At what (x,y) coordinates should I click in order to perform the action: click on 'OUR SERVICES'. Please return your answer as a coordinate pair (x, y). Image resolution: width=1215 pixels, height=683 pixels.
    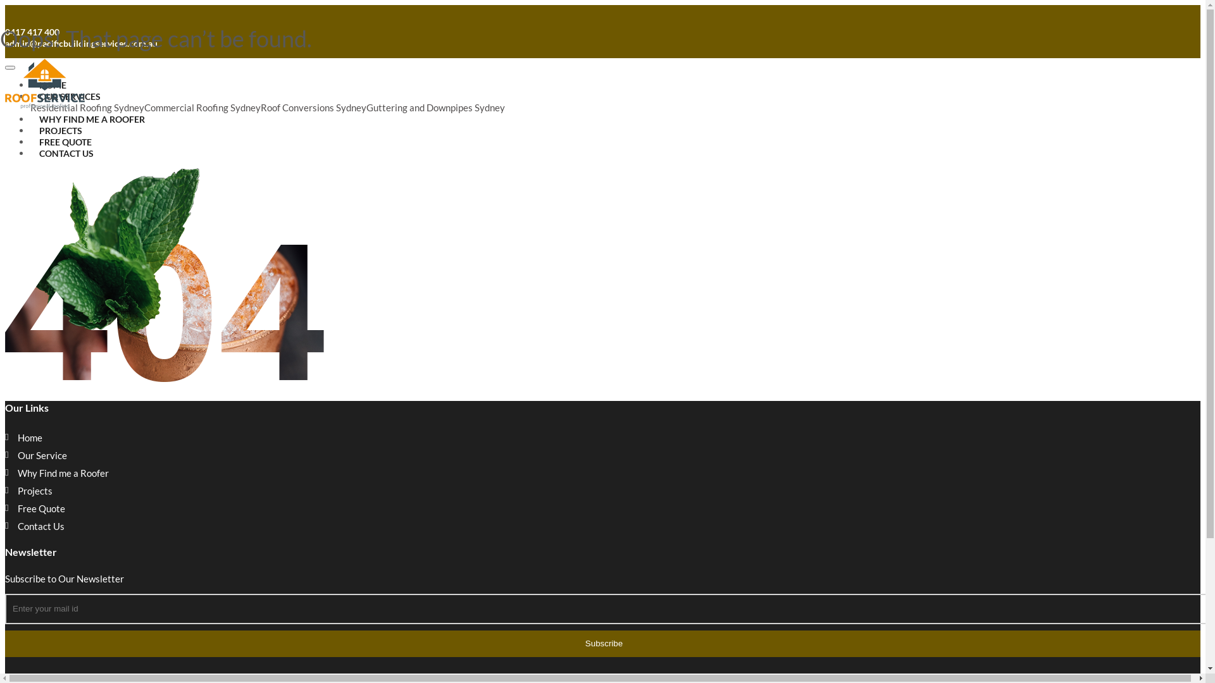
    Looking at the image, I should click on (69, 95).